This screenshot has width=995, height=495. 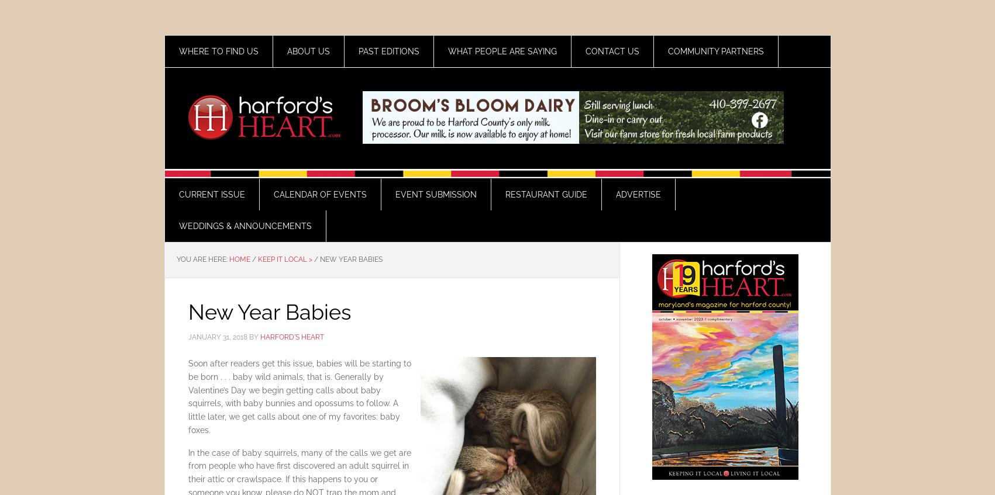 I want to click on 'Past Editions', so click(x=388, y=51).